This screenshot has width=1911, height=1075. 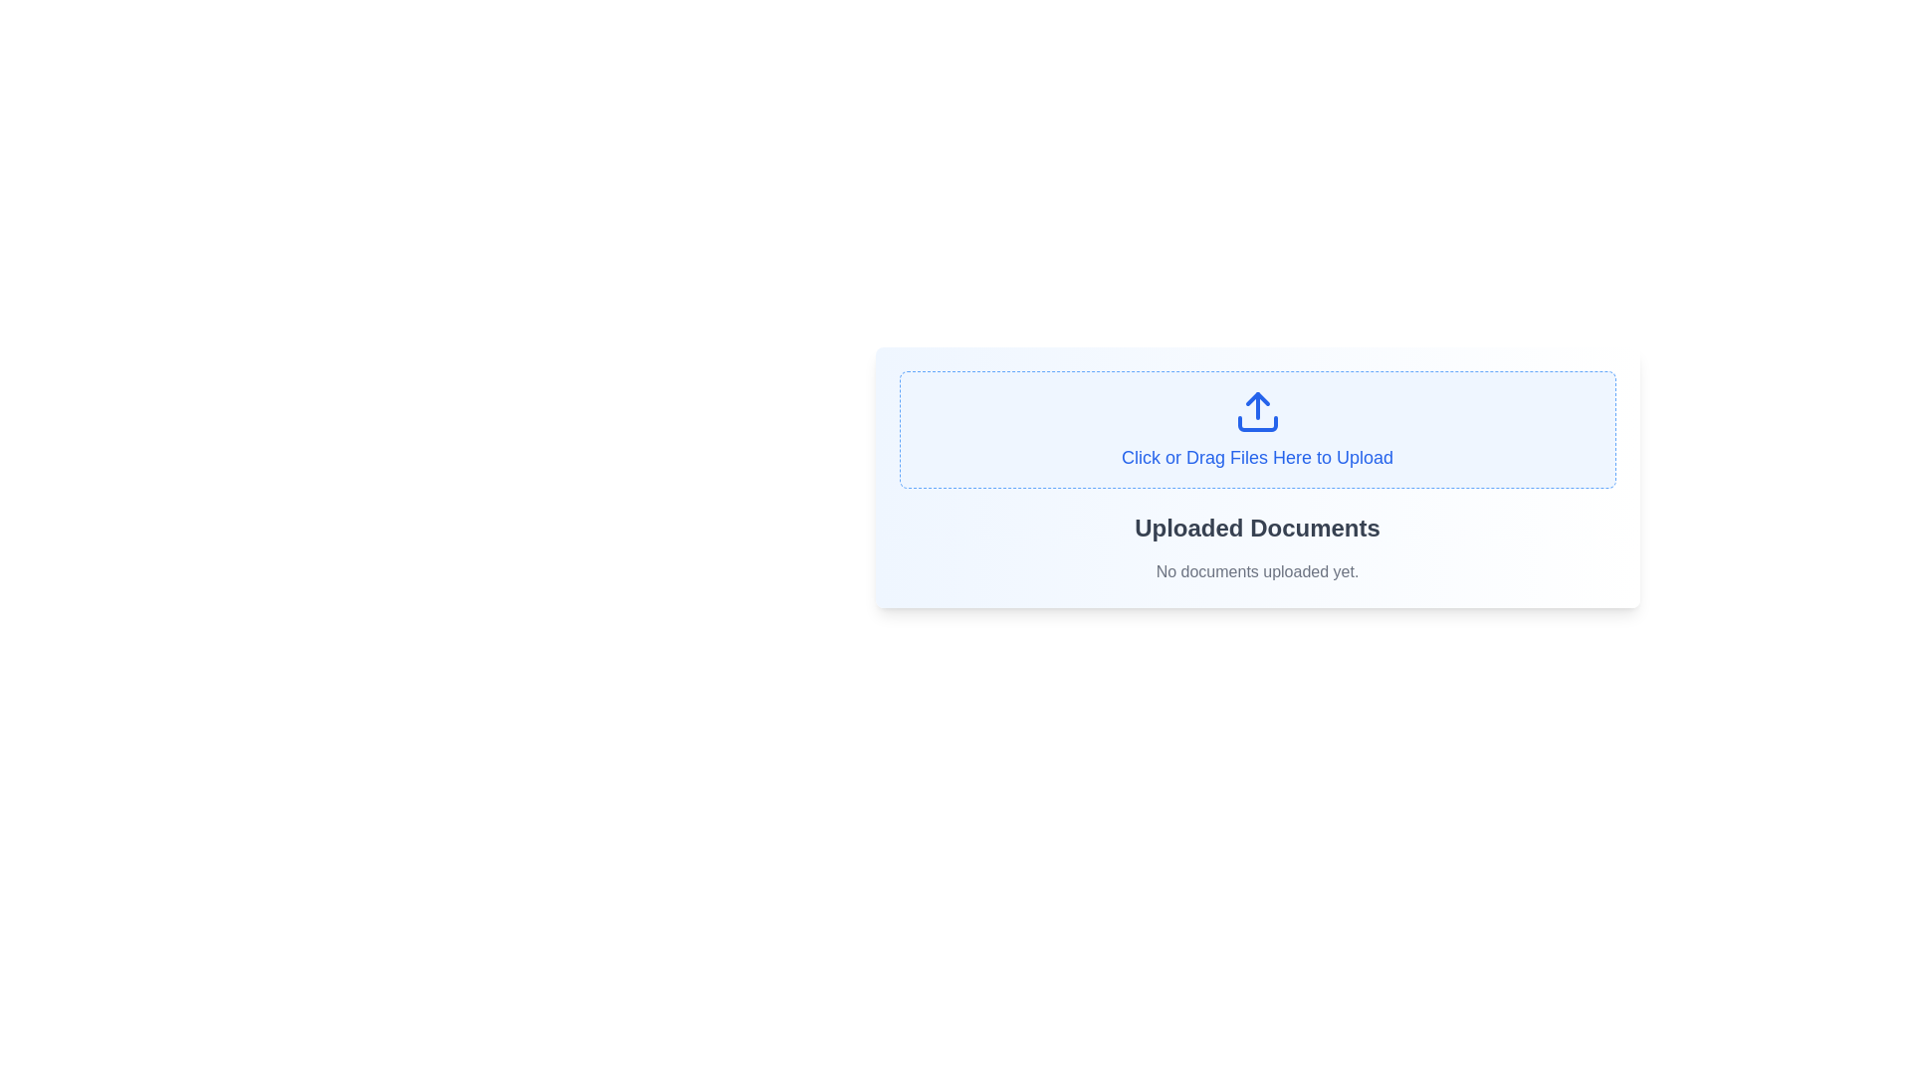 What do you see at coordinates (1256, 422) in the screenshot?
I see `the lower part of the upload icon to initiate the upload action, which is visually represented as part of the icon located in the light blue area marked with 'Click or Drag Files Here to Upload'` at bounding box center [1256, 422].